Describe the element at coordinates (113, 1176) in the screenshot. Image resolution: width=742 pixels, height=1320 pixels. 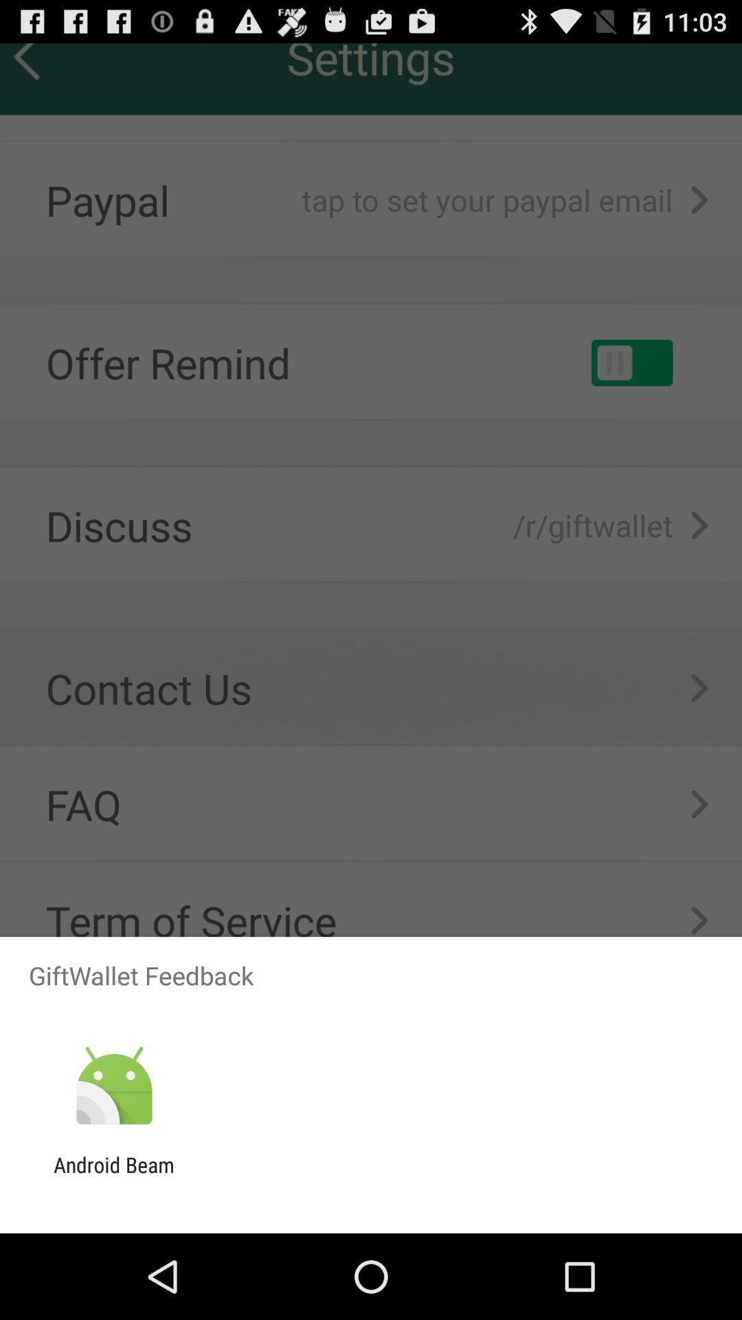
I see `the android beam app` at that location.